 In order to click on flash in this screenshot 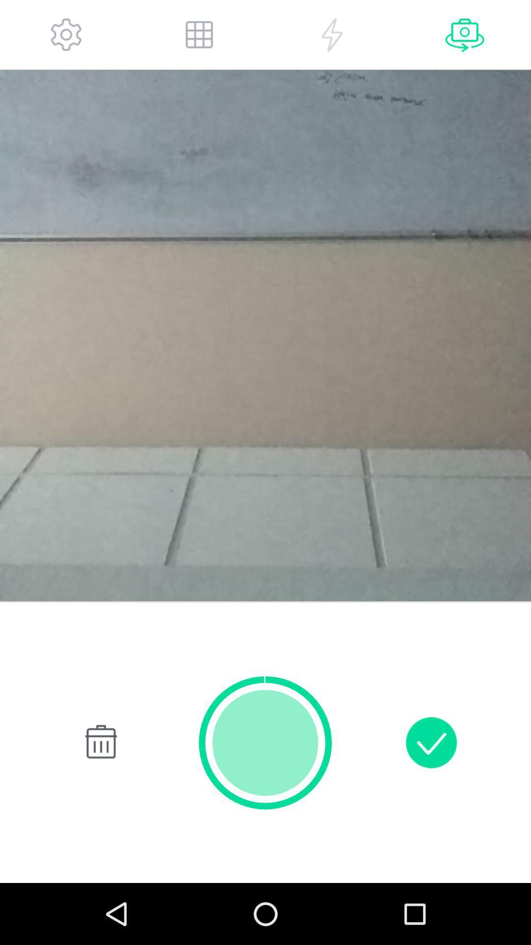, I will do `click(332, 34)`.